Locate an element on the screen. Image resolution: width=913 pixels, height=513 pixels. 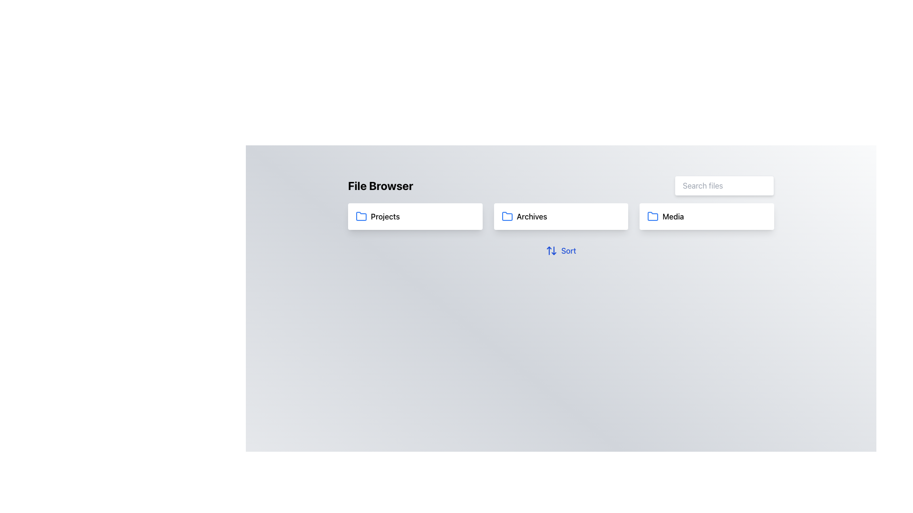
the SVG icon representing two arrows (one up and one down) in the 'Sort' section, located left of the 'Sort' text is located at coordinates (552, 250).